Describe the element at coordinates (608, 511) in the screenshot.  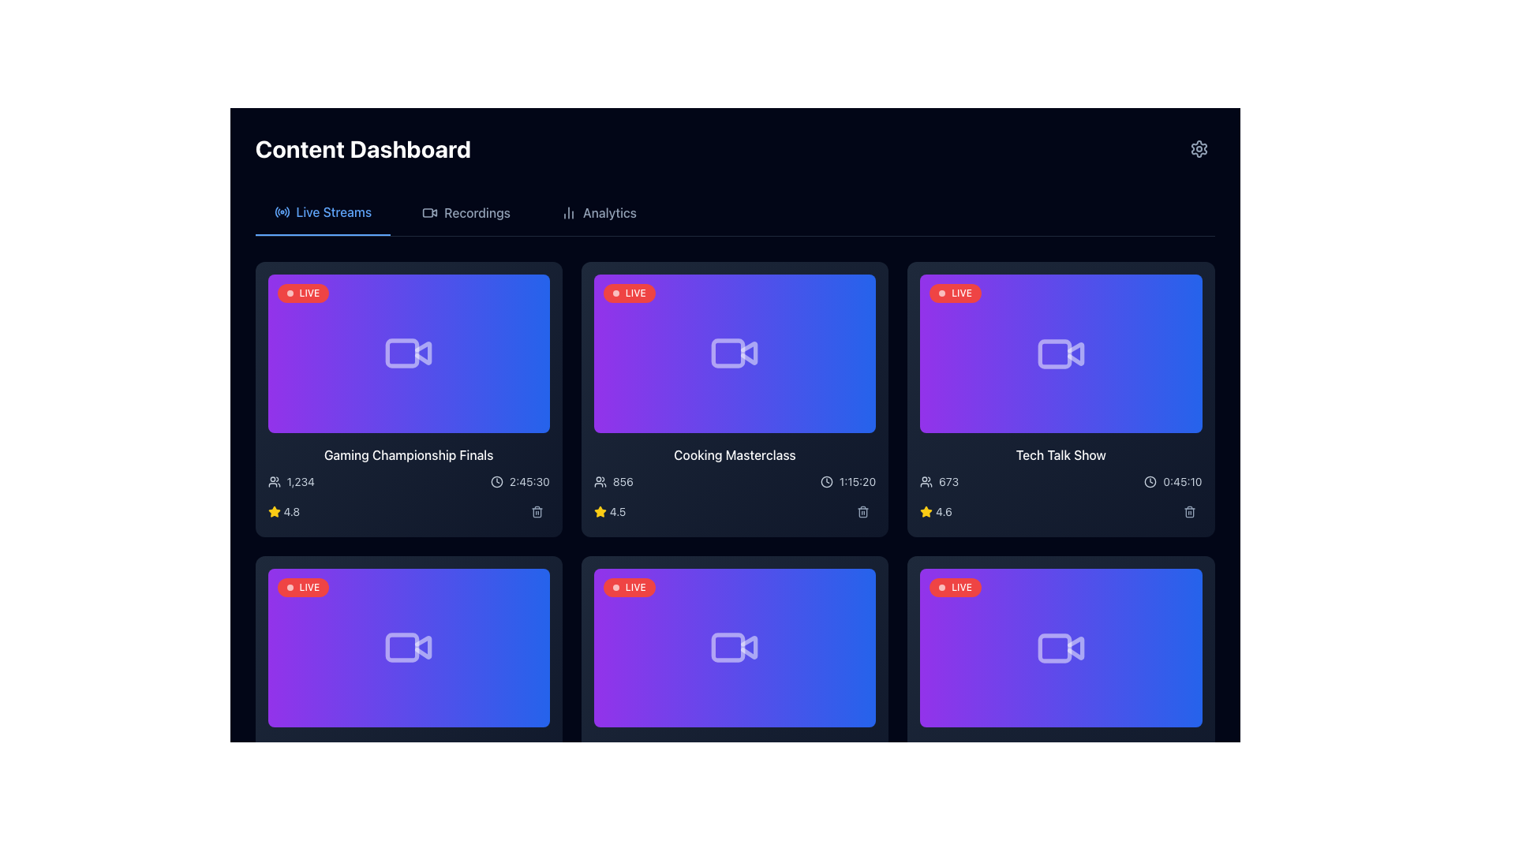
I see `the Rating indicator, which consists of a yellow star icon followed by the numeric text '4.5', located at the bottom left of the 'Cooking Masterclass' video card` at that location.